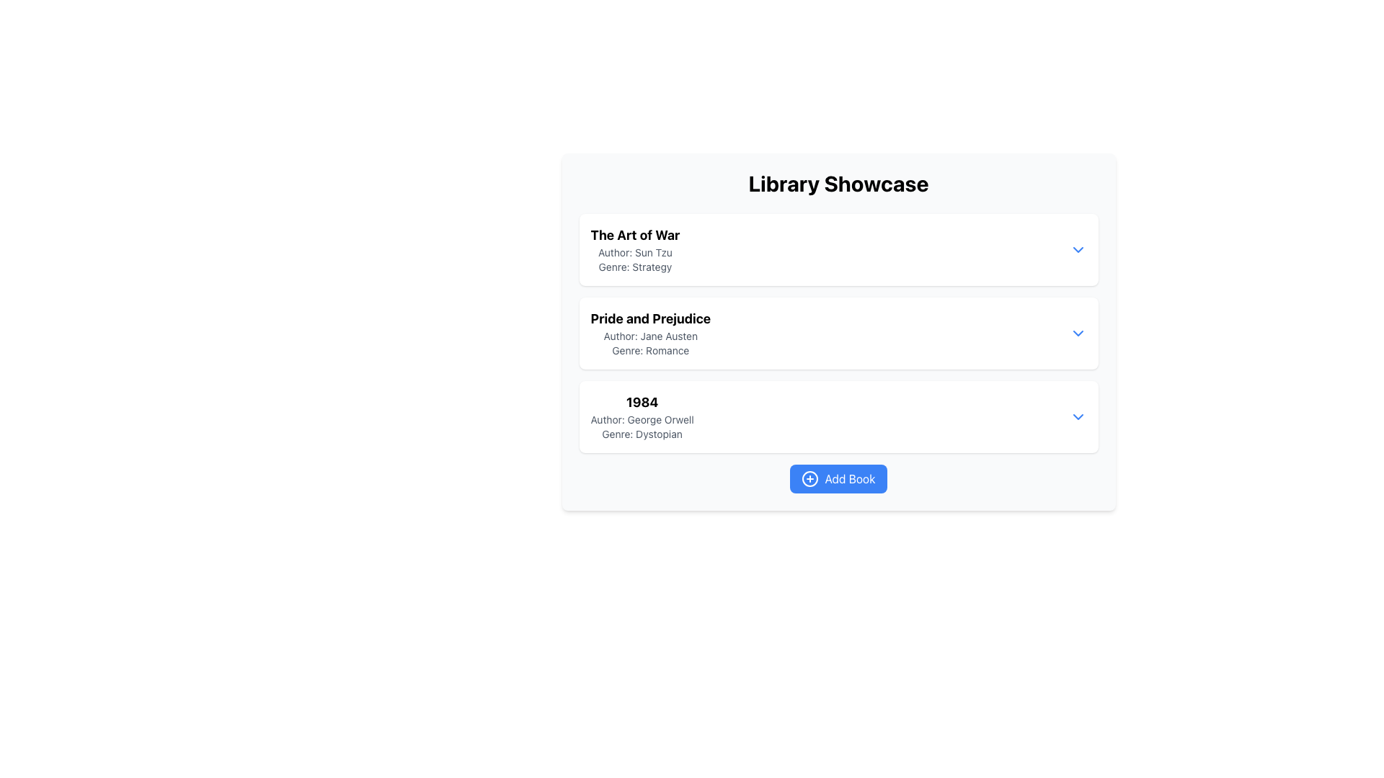 This screenshot has height=778, width=1384. Describe the element at coordinates (838, 333) in the screenshot. I see `details of the book titled 'Pride and Prejudice' by 'Jane Austen' in the compound component with a dropdown button, located in the middle of the interface` at that location.